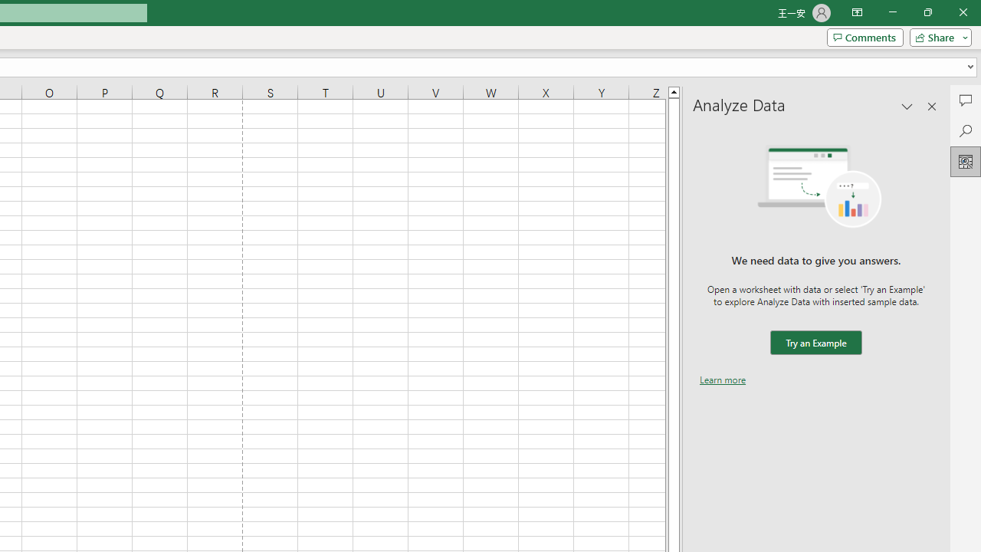  Describe the element at coordinates (965, 130) in the screenshot. I see `'Search'` at that location.